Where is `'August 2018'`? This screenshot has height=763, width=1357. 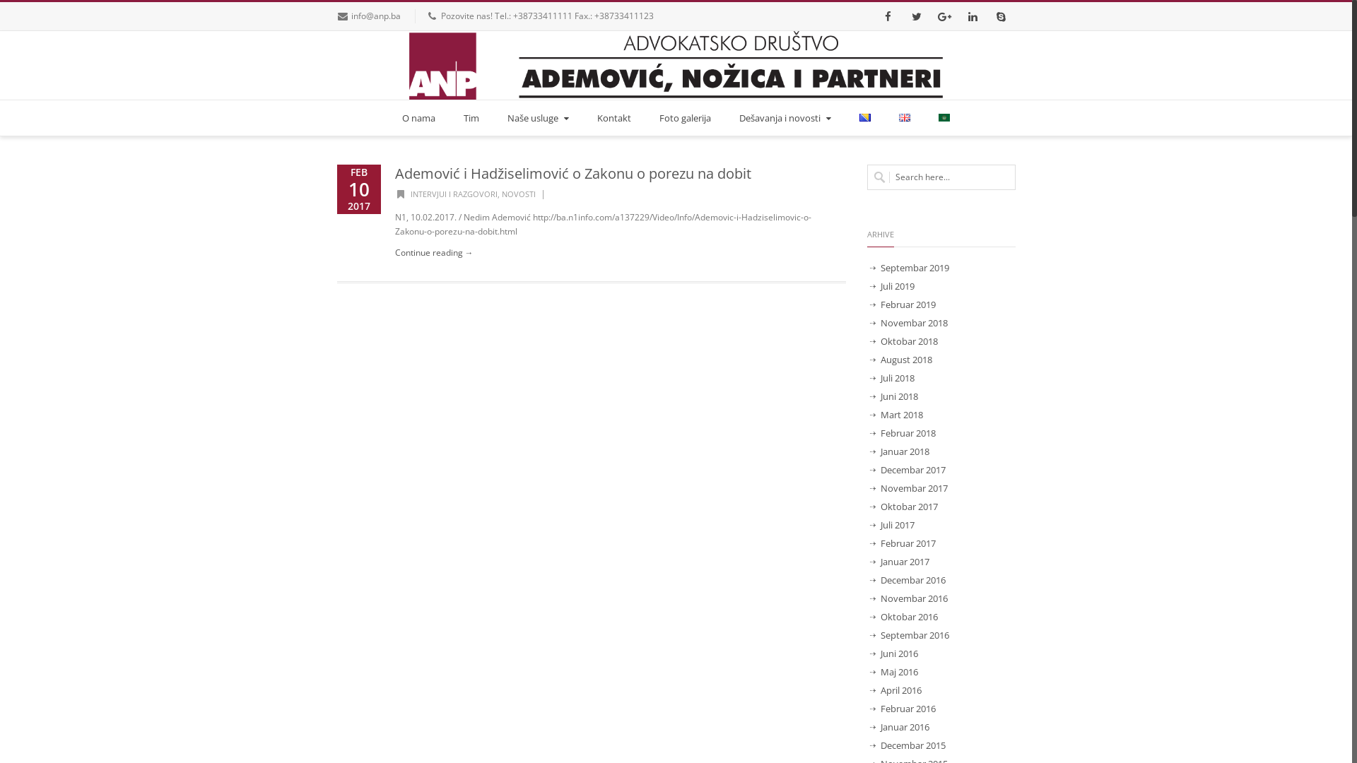
'August 2018' is located at coordinates (900, 359).